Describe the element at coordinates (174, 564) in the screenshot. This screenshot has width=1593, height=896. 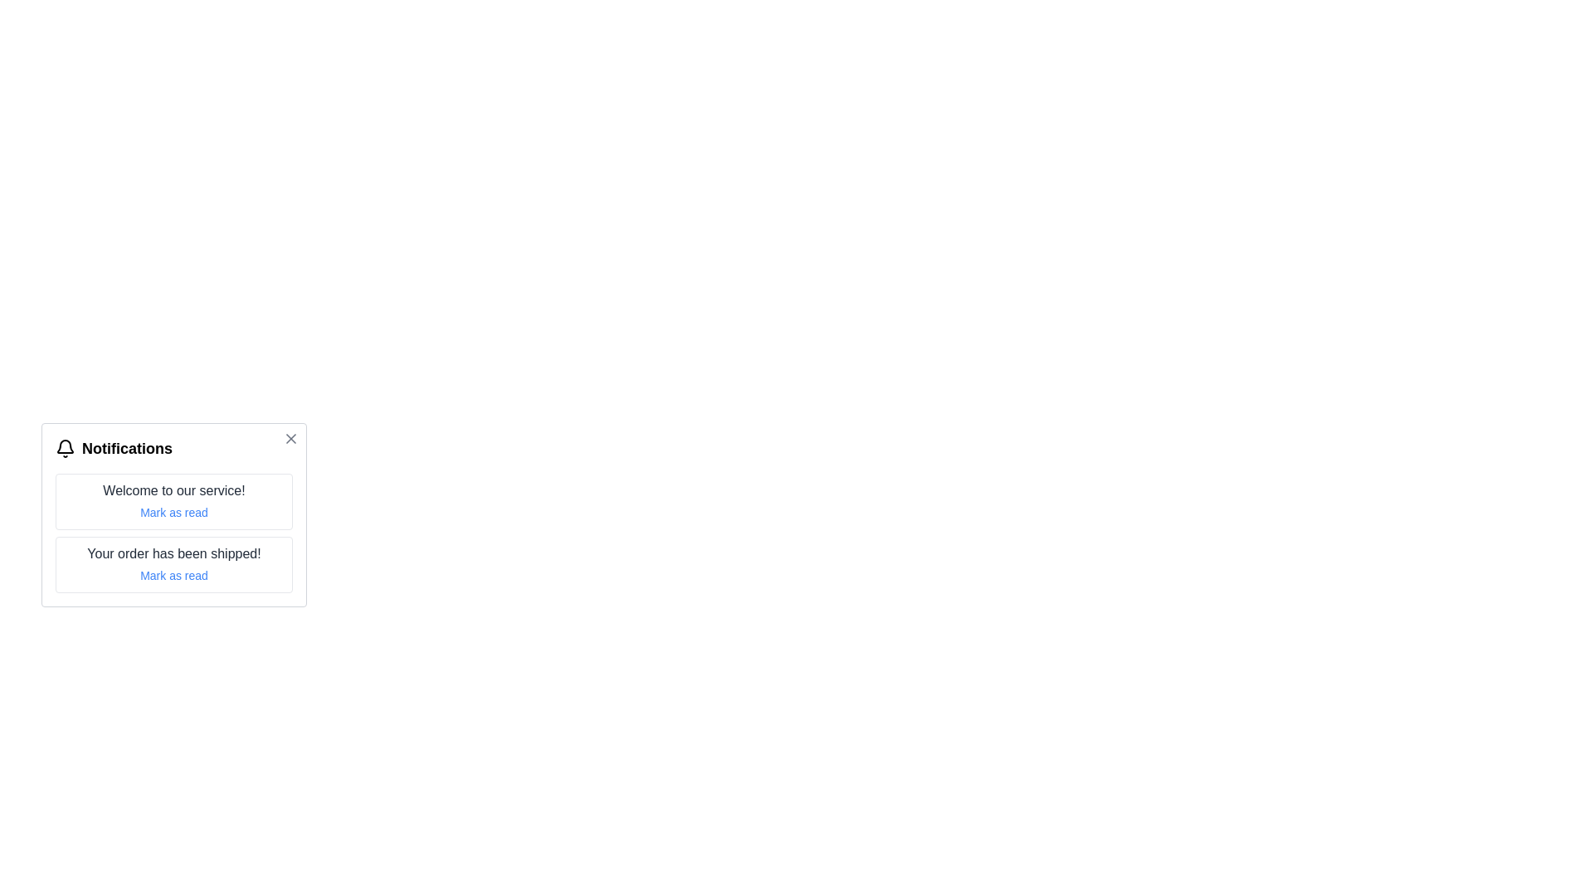
I see `the 'Mark as read' actionable text in the notification box with the message 'Your order has been shipped!' to mark it as acknowledged` at that location.